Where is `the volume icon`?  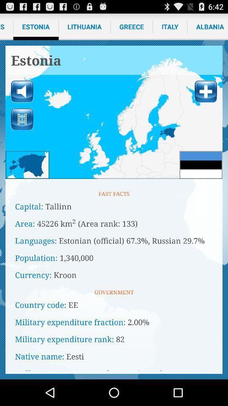
the volume icon is located at coordinates (22, 98).